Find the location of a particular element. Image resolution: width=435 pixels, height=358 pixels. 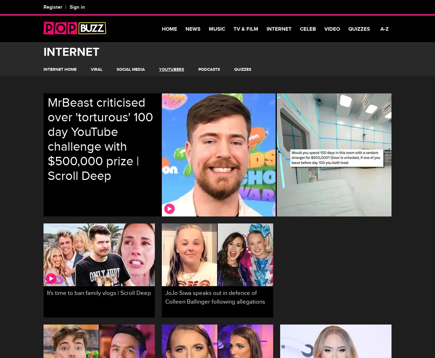

'Register' is located at coordinates (53, 7).